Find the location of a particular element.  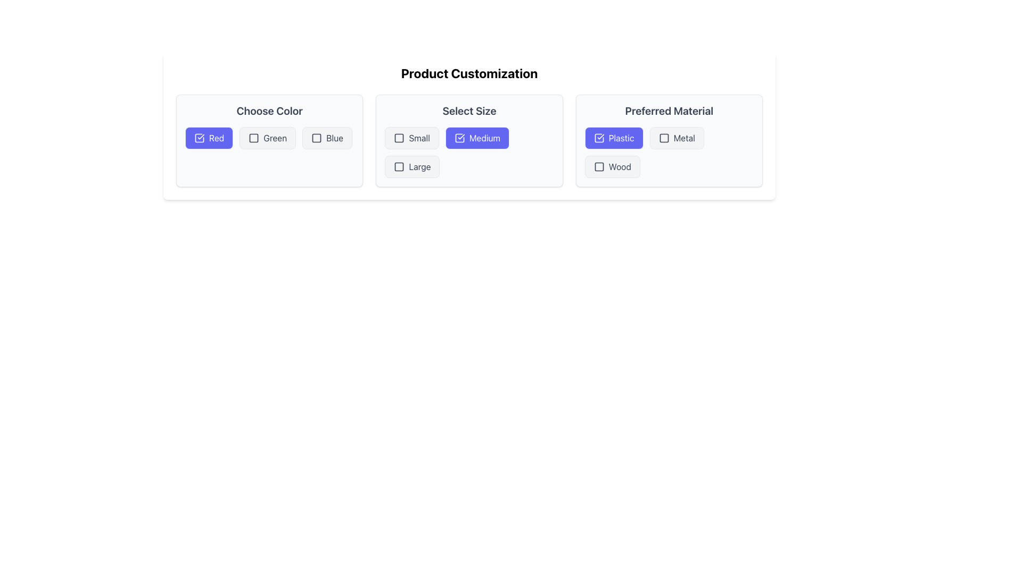

the graphical checkmark in the SVG-based checkbox indicating the selected state for the 'Plastic' option in the 'Preferred Material' category is located at coordinates (599, 137).